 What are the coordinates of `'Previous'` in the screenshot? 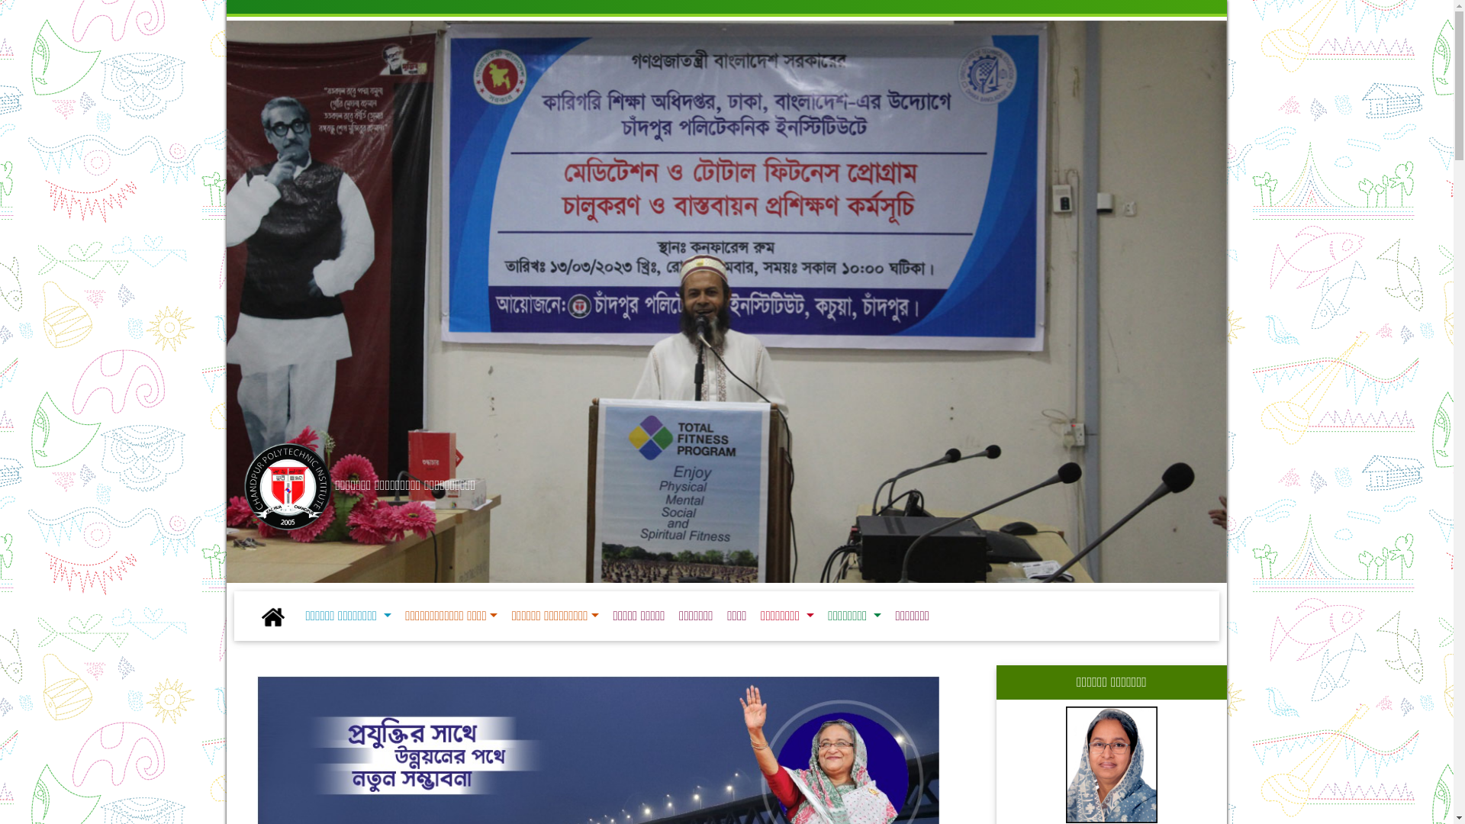 It's located at (262, 261).